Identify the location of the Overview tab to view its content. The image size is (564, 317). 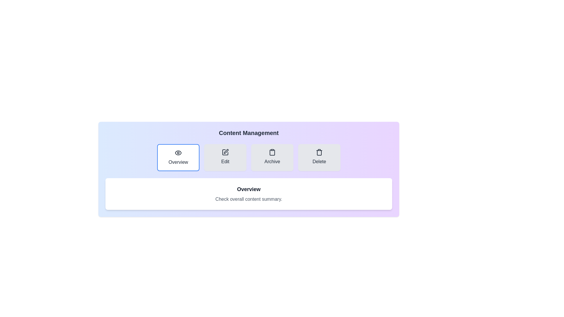
(178, 157).